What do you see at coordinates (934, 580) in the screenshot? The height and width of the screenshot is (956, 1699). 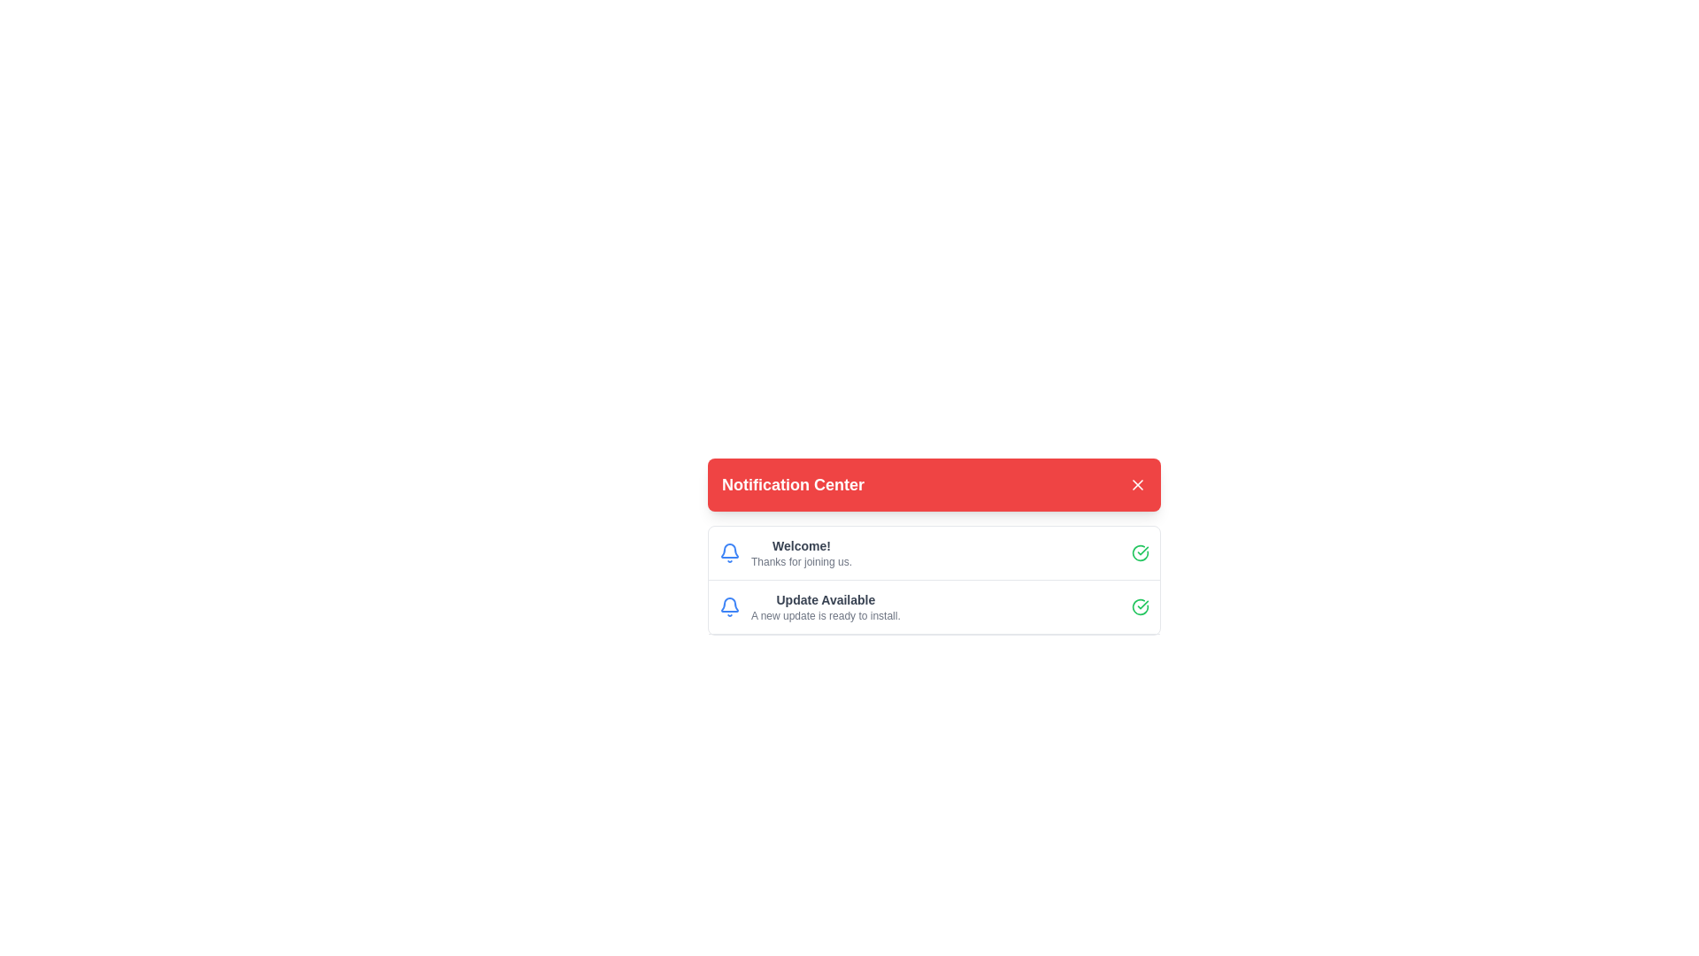 I see `the notification message display area that shows two notifications: 'Welcome! Thanks for joining us.' and 'Update Available A new update is ready to install.' with bell and green check icons` at bounding box center [934, 580].